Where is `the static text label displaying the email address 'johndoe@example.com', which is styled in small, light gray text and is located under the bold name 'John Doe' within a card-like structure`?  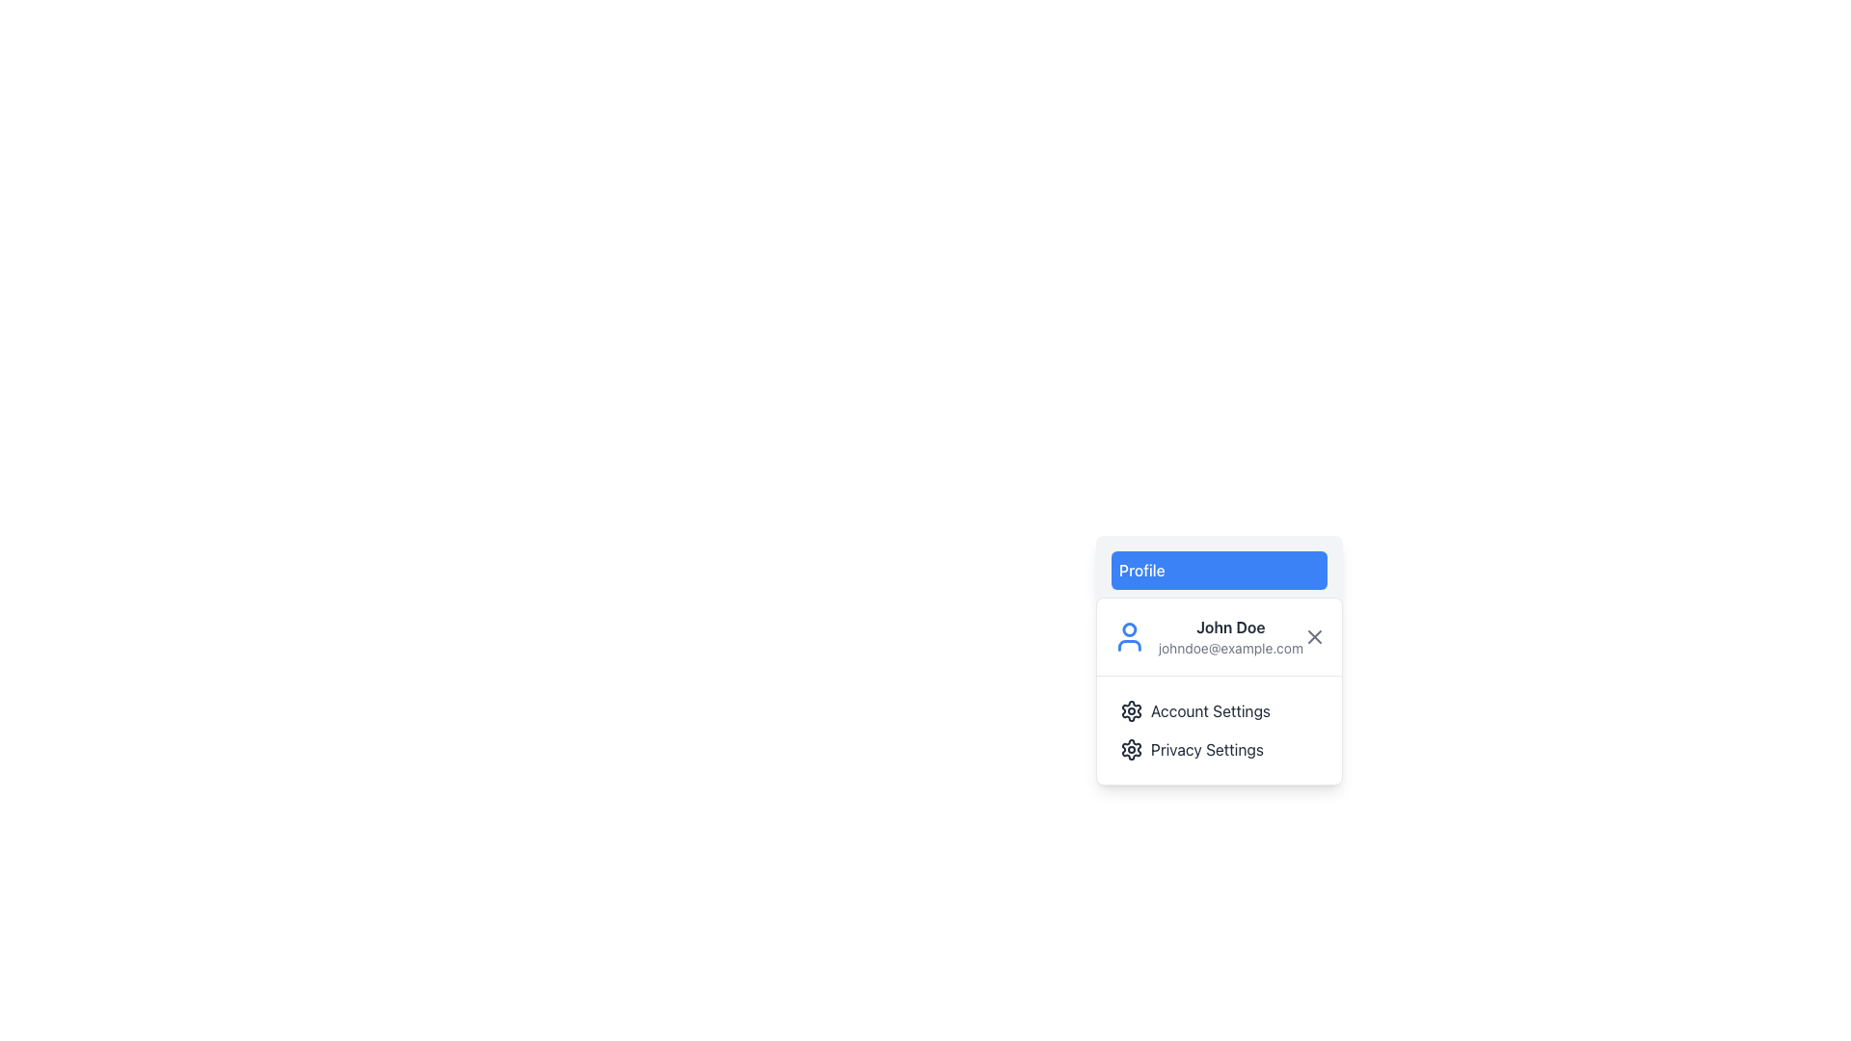 the static text label displaying the email address 'johndoe@example.com', which is styled in small, light gray text and is located under the bold name 'John Doe' within a card-like structure is located at coordinates (1229, 648).